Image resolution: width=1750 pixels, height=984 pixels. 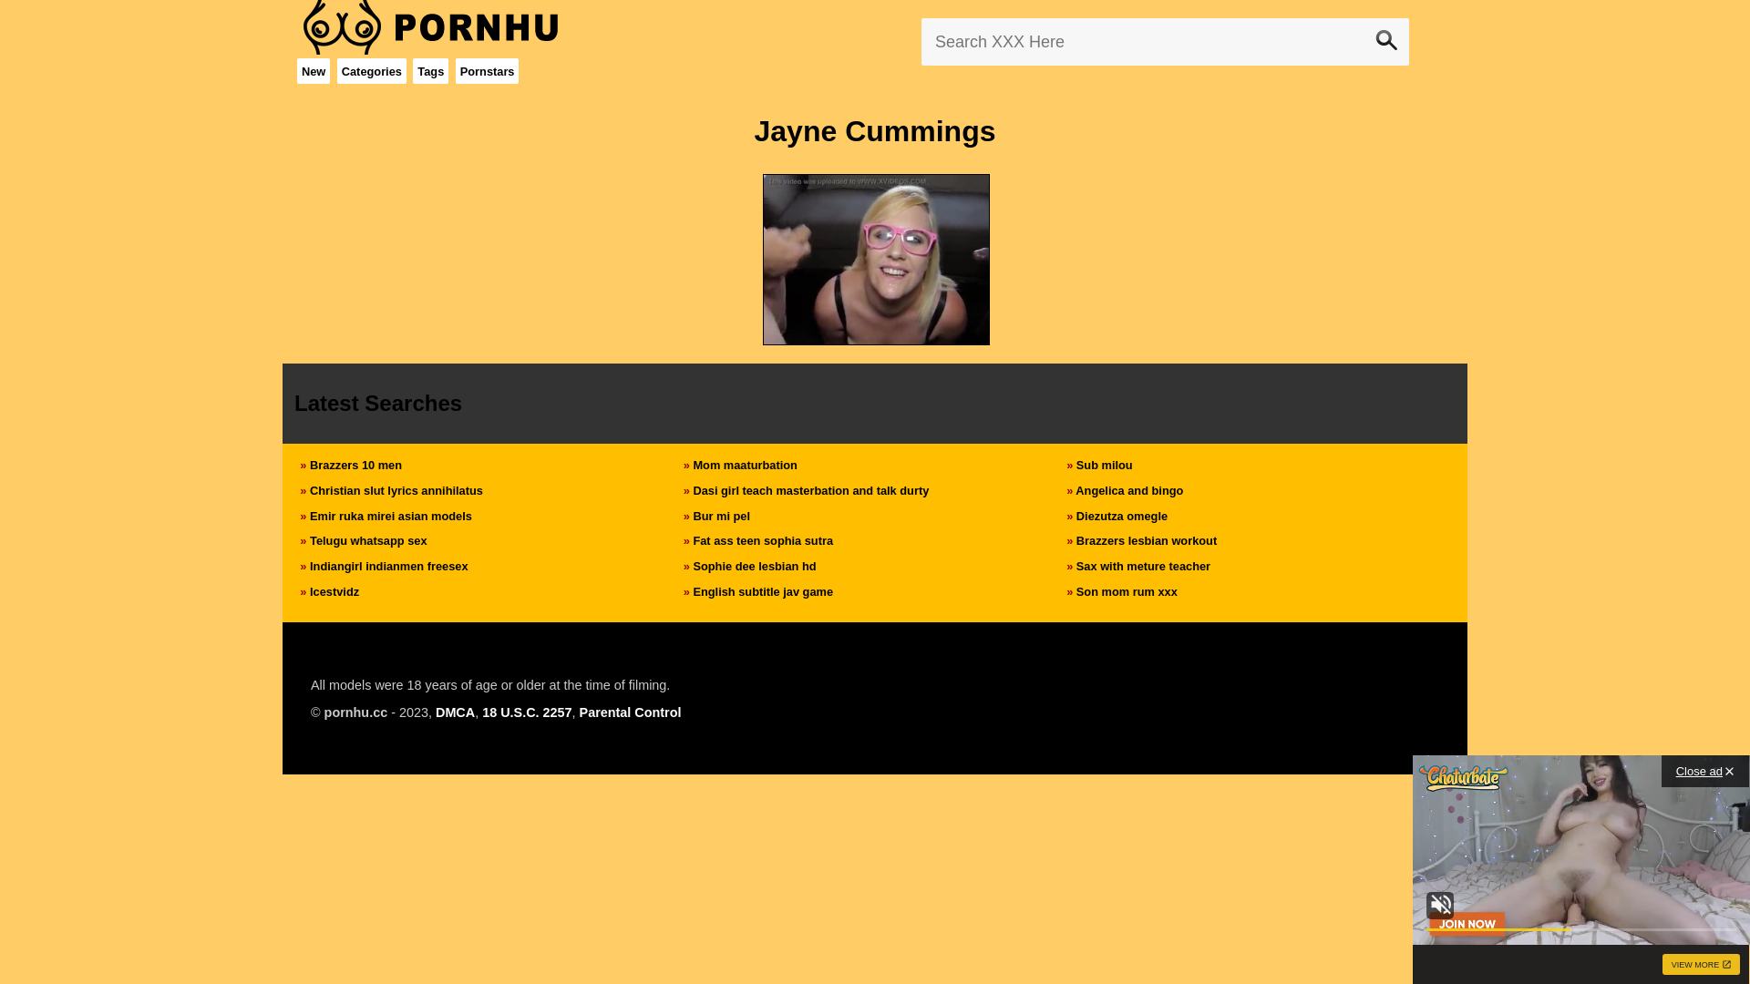 I want to click on 'Brazzers lesbian workout', so click(x=1076, y=539).